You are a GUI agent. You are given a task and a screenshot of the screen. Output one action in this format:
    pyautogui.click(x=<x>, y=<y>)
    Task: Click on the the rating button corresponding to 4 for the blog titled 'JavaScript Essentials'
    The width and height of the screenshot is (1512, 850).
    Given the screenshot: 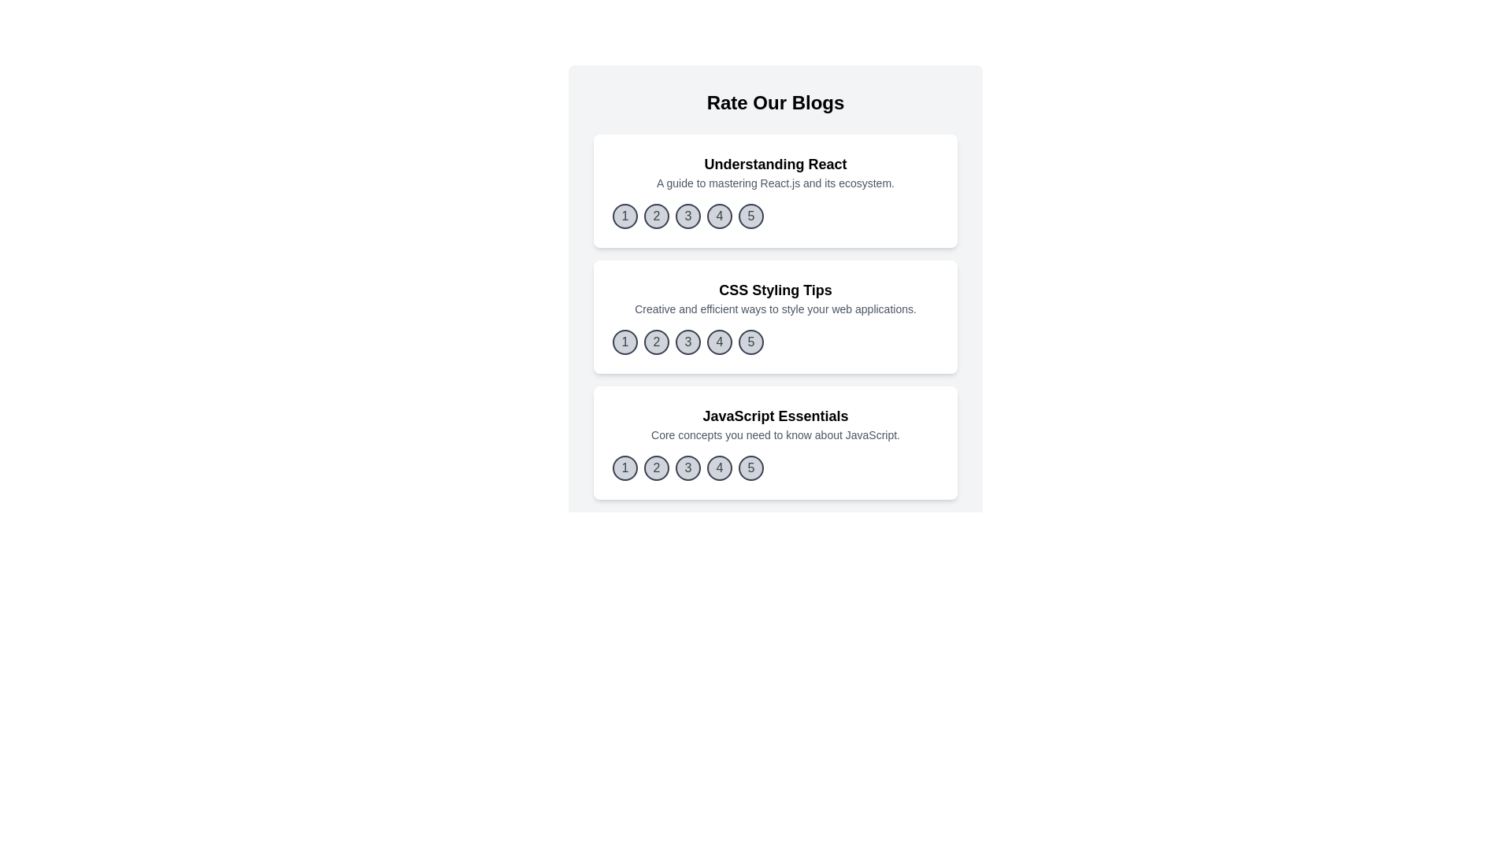 What is the action you would take?
    pyautogui.click(x=718, y=467)
    